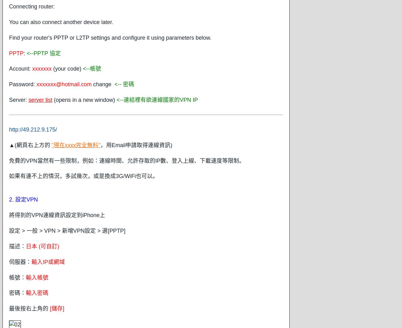 The image size is (402, 328). I want to click on 'Account:', so click(20, 68).